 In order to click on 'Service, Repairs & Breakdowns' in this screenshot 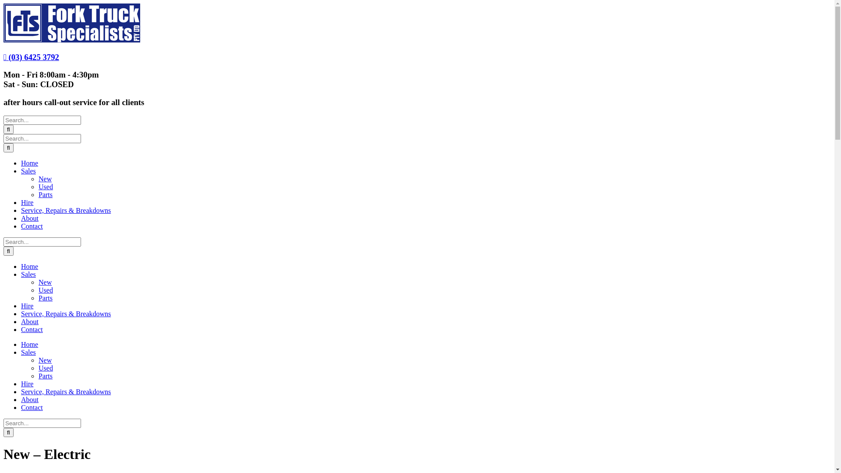, I will do `click(65, 391)`.